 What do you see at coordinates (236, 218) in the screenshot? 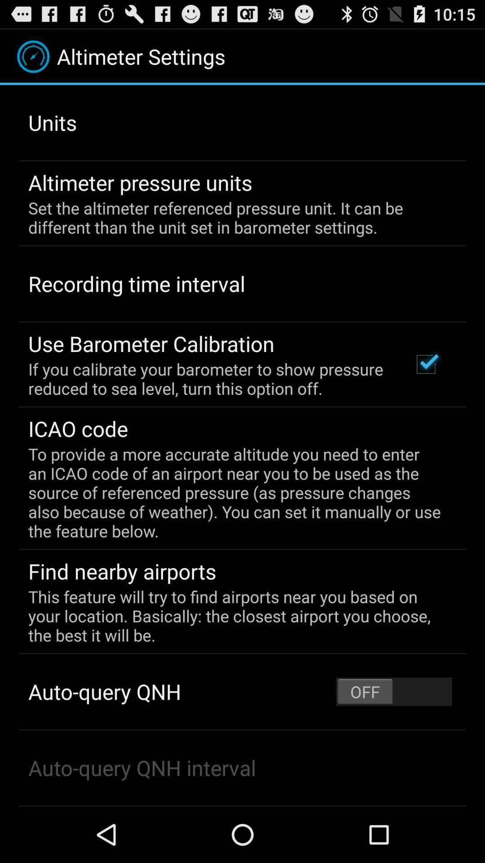
I see `the set the altimeter app` at bounding box center [236, 218].